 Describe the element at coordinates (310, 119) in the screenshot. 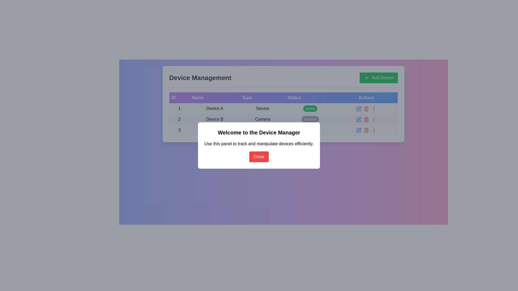

I see `the 'inactive' status indicator for 'Device B' located in the fourth cell of the second row under the 'Status' column` at that location.